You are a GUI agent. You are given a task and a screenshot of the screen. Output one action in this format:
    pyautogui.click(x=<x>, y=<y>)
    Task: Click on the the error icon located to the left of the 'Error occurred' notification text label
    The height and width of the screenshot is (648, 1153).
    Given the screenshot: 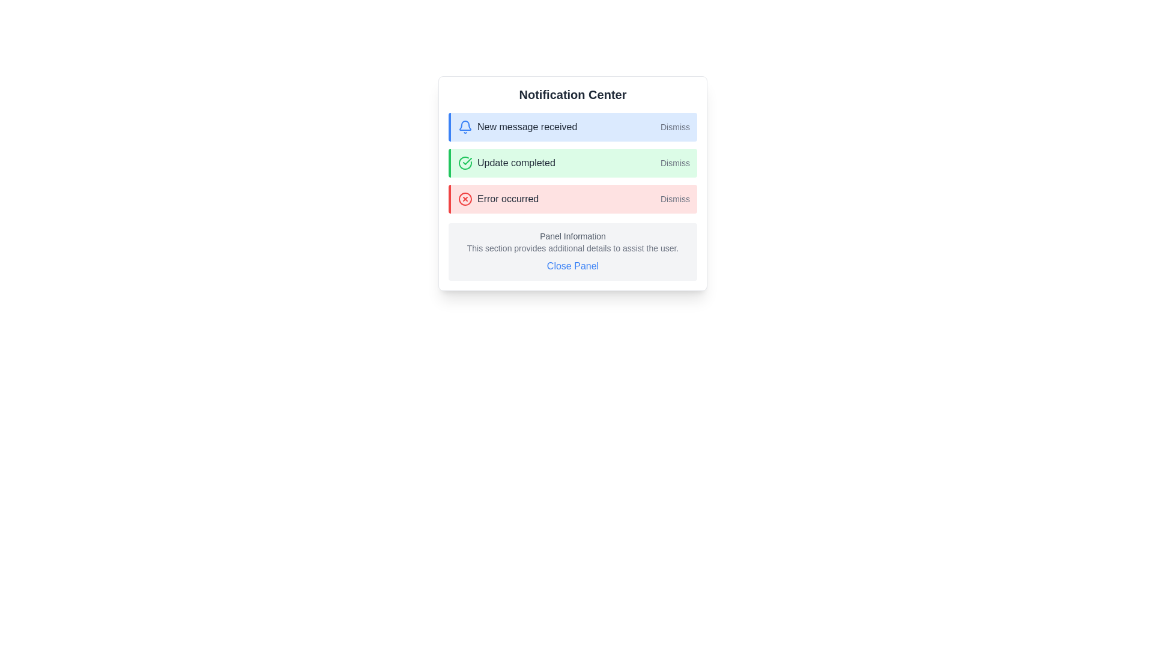 What is the action you would take?
    pyautogui.click(x=464, y=198)
    